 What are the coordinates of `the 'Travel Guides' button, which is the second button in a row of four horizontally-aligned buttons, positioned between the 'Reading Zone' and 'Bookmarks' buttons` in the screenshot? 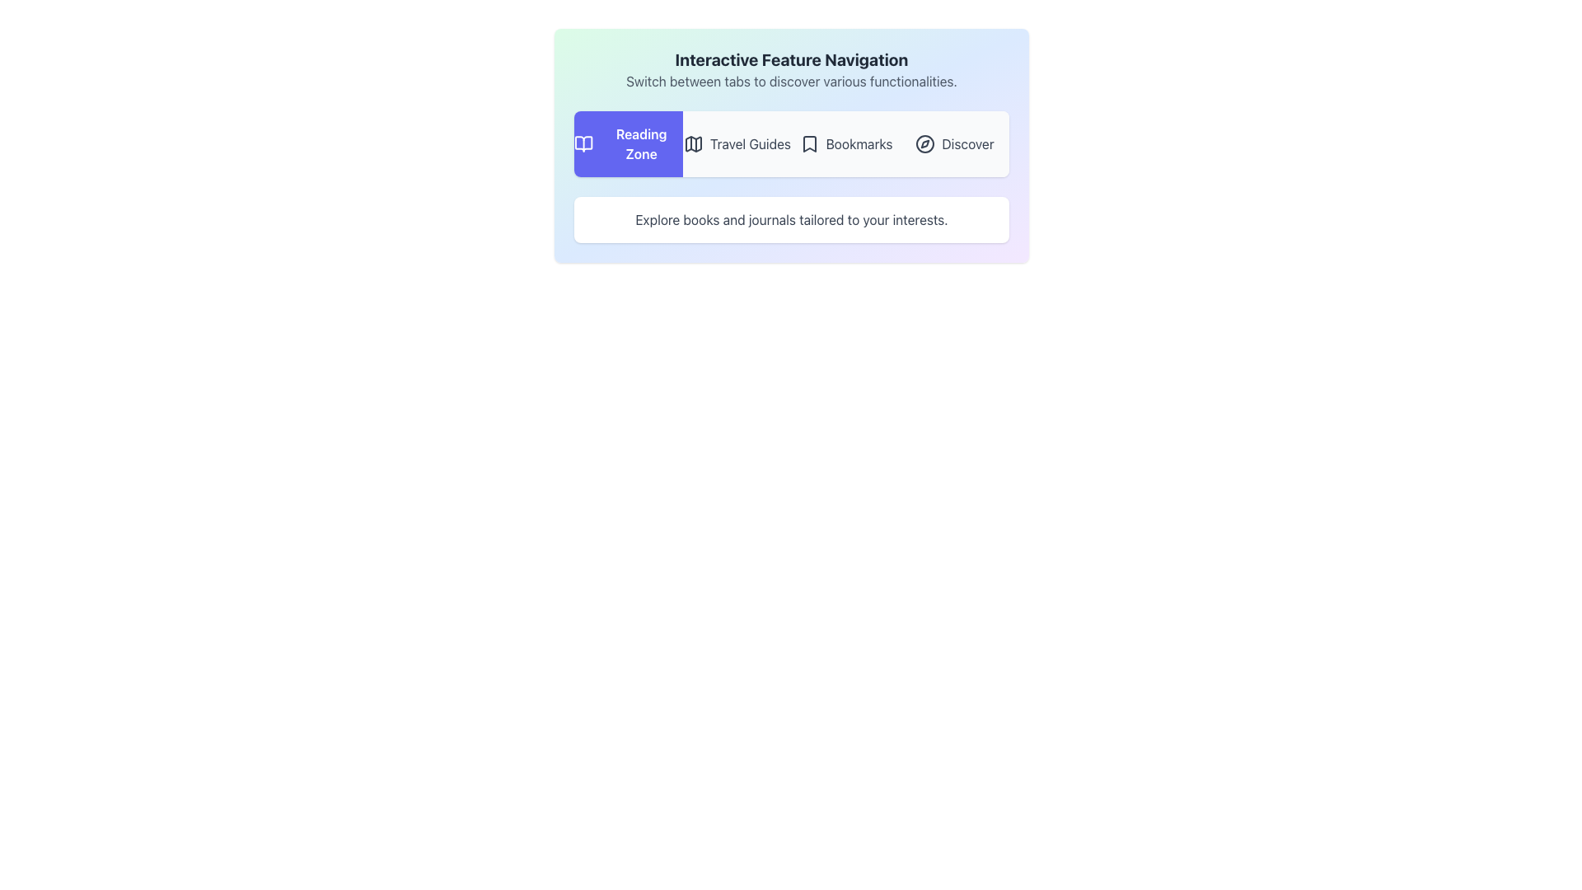 It's located at (736, 143).